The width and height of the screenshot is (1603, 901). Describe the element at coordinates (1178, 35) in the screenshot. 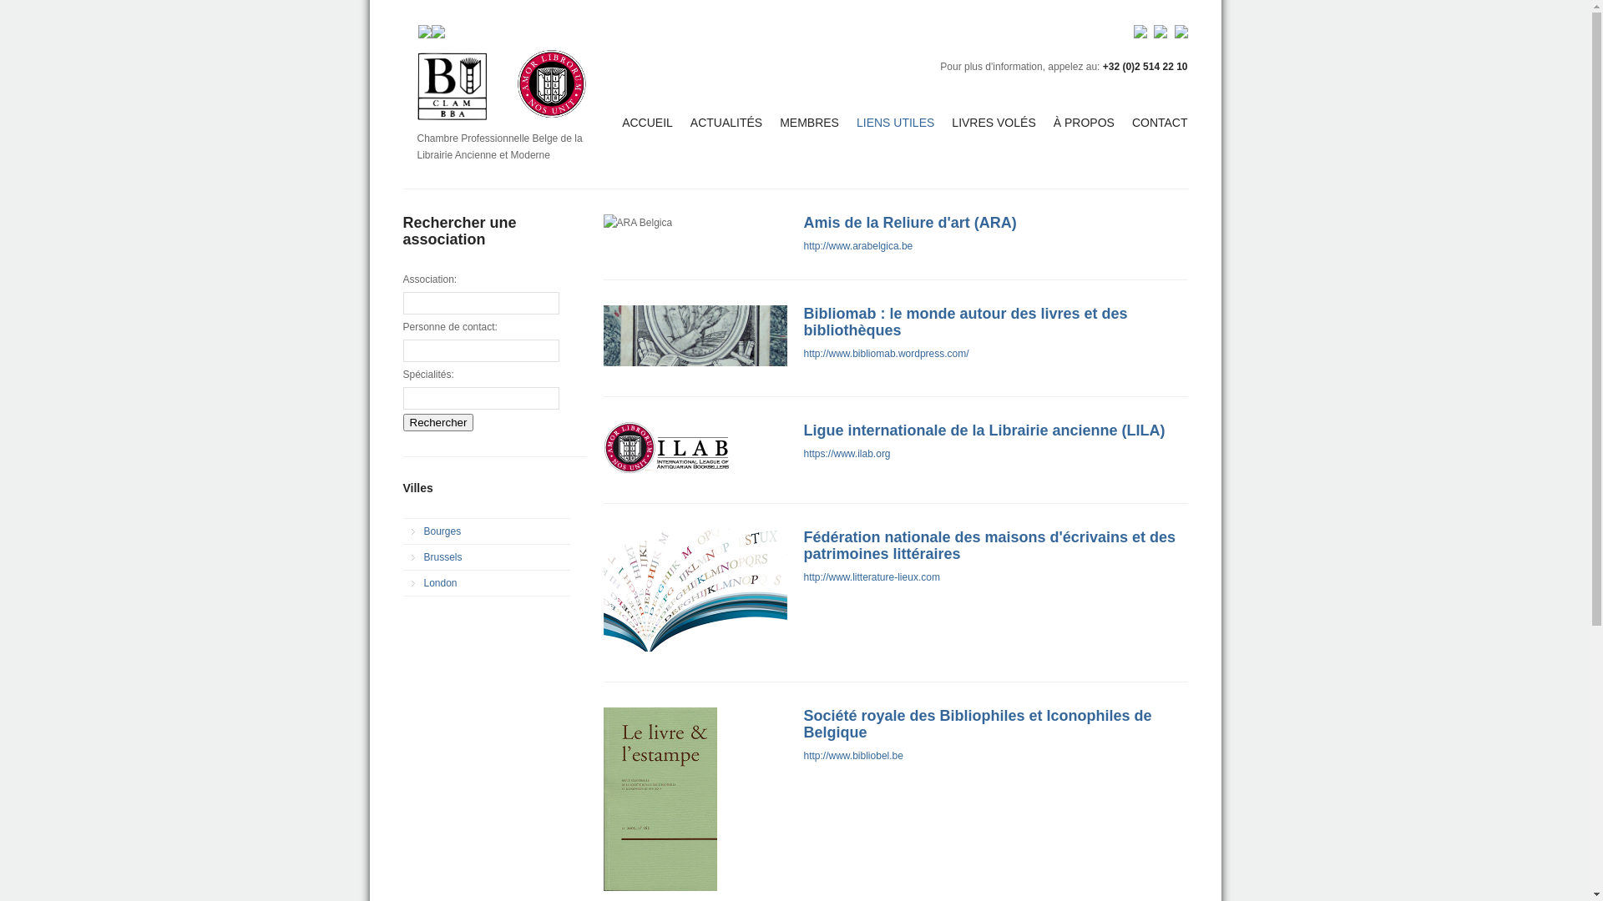

I see `'EN'` at that location.